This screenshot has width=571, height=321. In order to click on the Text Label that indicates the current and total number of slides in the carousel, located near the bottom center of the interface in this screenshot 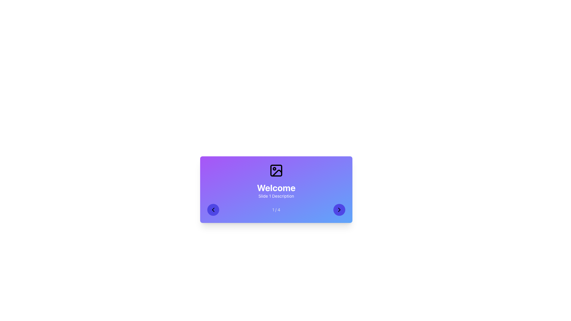, I will do `click(276, 209)`.